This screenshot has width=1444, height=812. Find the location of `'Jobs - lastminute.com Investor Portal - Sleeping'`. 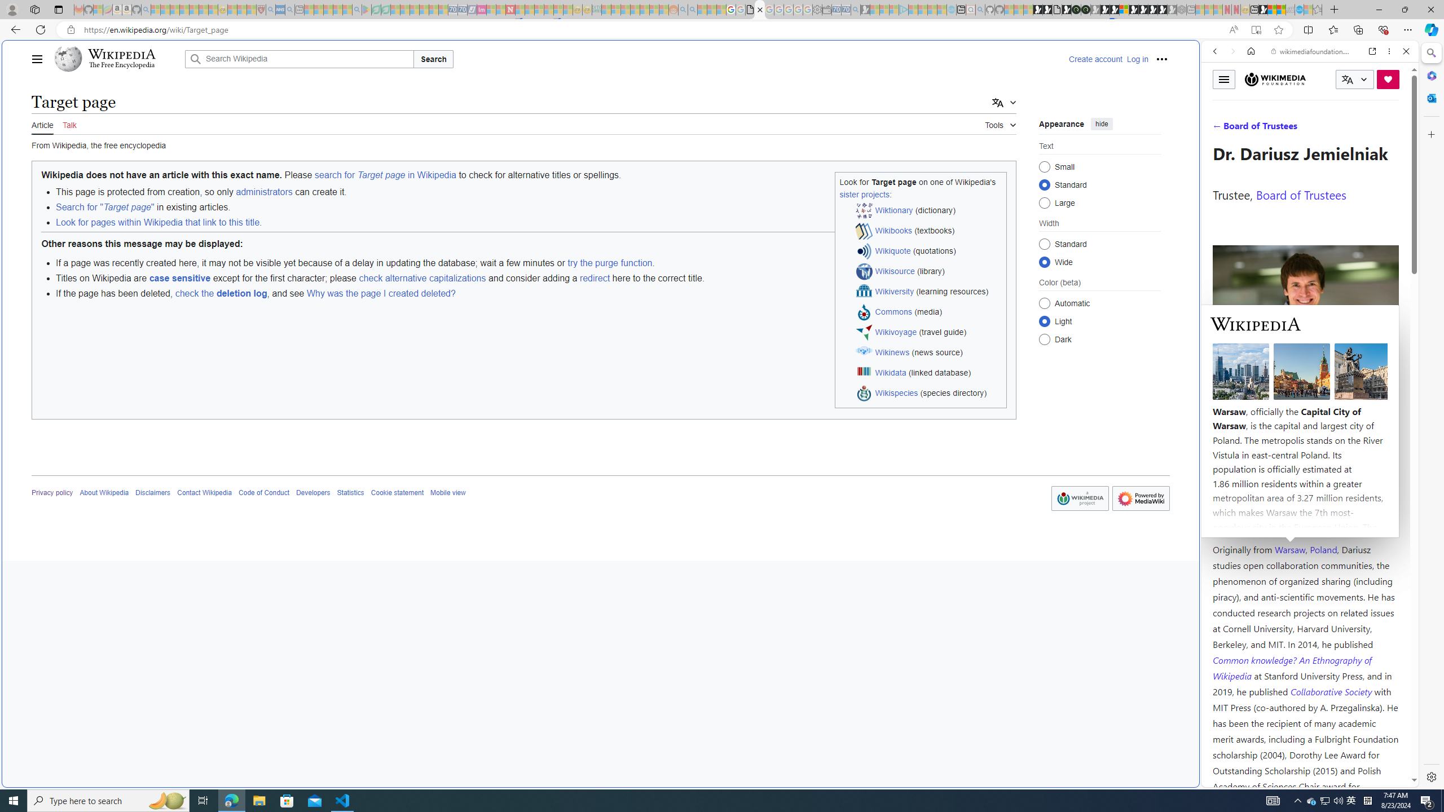

'Jobs - lastminute.com Investor Portal - Sleeping' is located at coordinates (481, 9).